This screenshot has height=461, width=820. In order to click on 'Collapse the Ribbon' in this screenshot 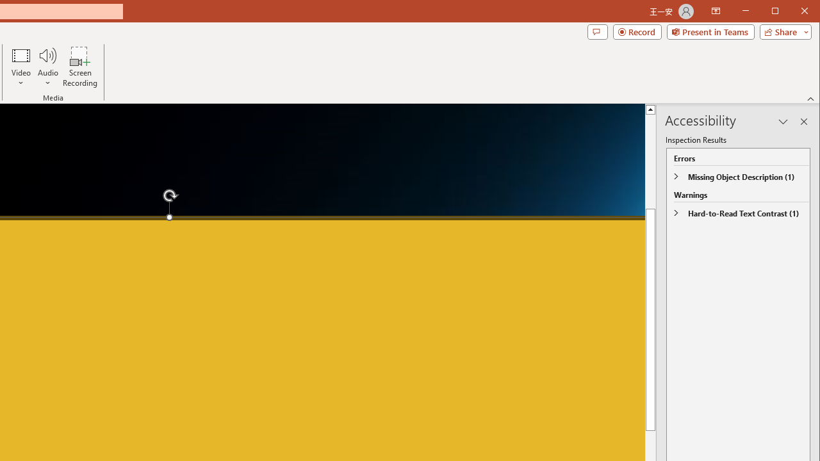, I will do `click(810, 98)`.